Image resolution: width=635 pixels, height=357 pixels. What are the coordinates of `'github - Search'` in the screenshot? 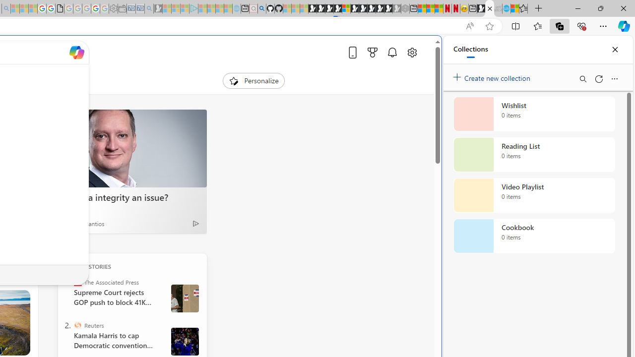 It's located at (262, 8).